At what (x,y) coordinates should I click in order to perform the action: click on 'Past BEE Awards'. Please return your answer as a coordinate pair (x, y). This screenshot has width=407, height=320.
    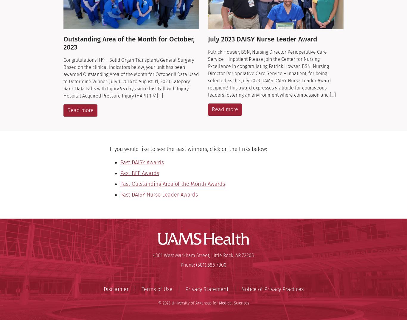
    Looking at the image, I should click on (139, 173).